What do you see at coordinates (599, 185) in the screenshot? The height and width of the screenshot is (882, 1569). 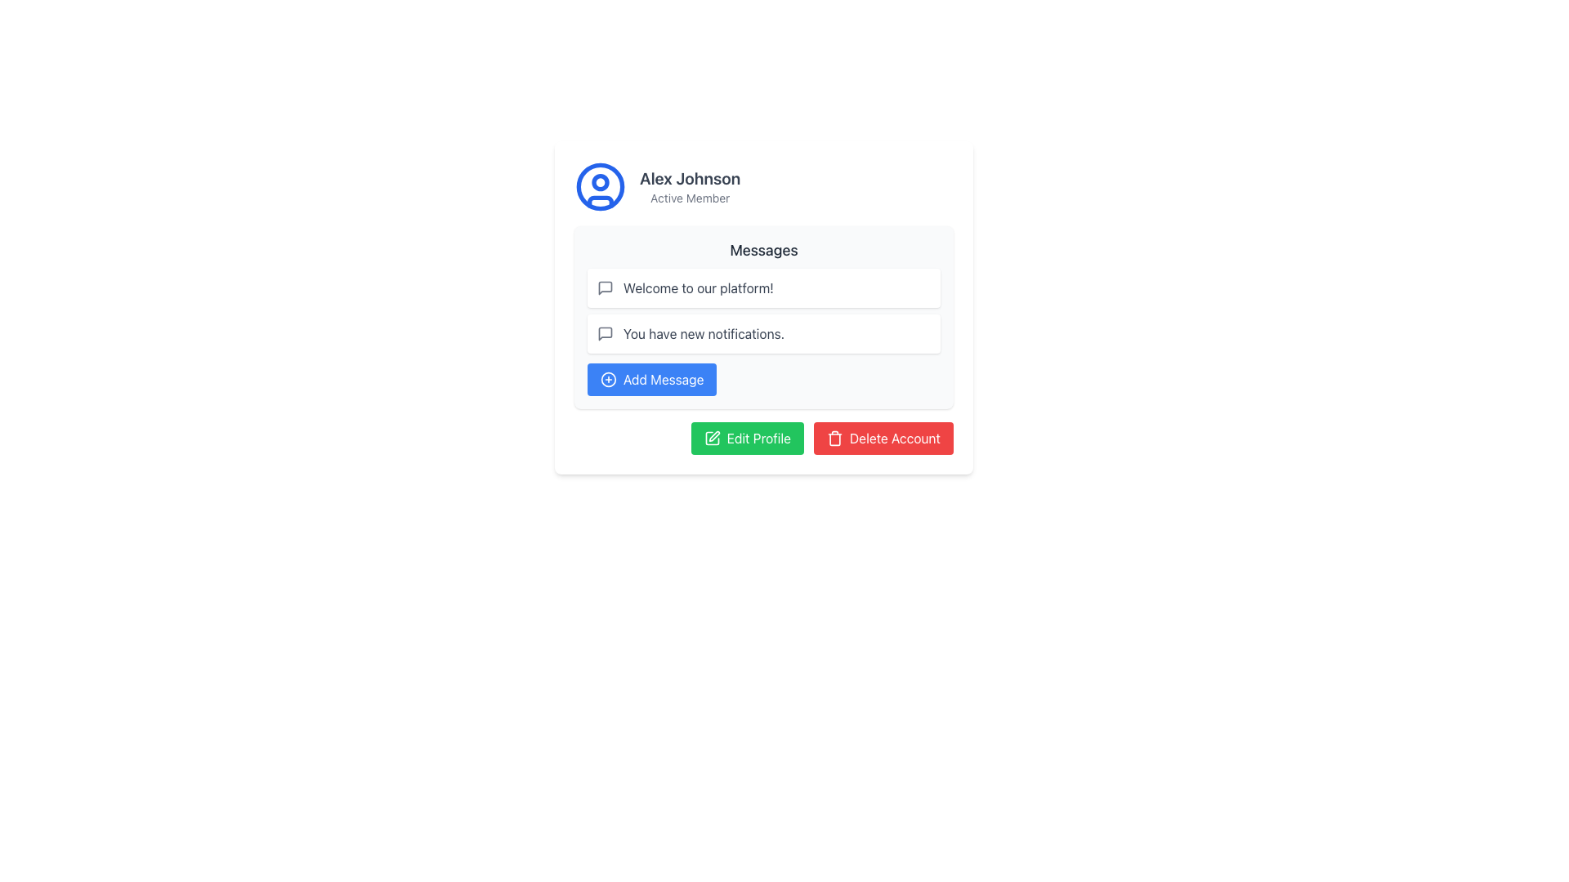 I see `outermost blue circular outline of the SVG user profile icon located at the top left of the user details card for debugging purposes` at bounding box center [599, 185].